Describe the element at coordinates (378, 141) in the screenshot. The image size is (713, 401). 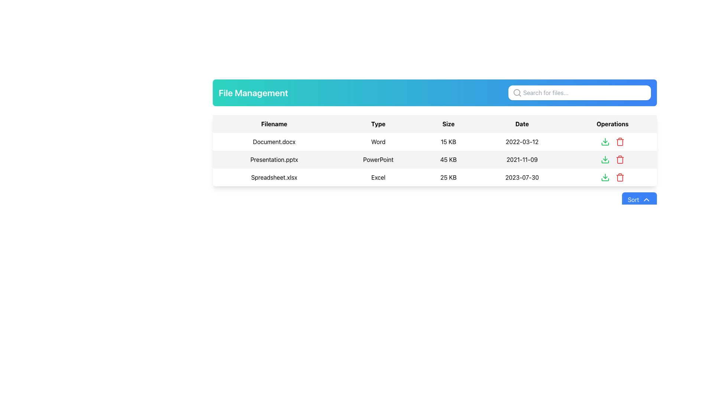
I see `the static text label in the second cell of the first row under the 'Type' column, which indicates the file category` at that location.